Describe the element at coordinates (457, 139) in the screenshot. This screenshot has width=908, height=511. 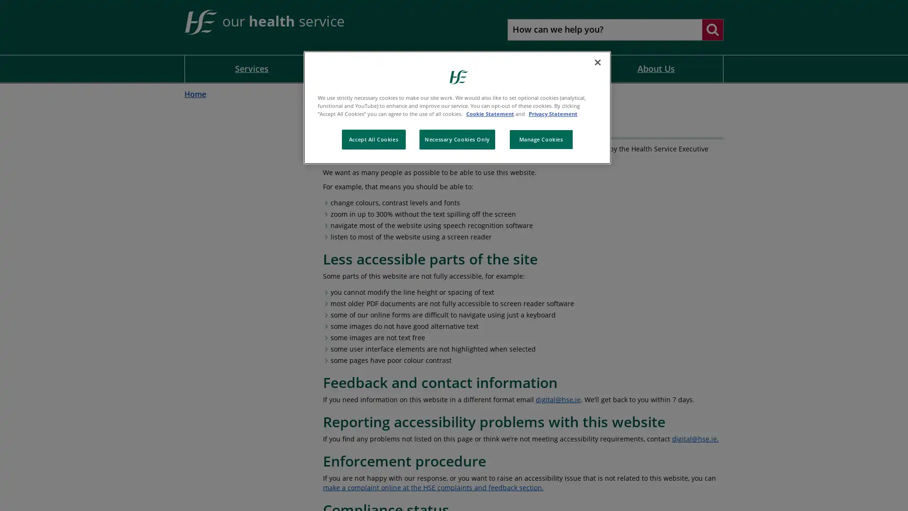
I see `Necessary Cookies Only` at that location.